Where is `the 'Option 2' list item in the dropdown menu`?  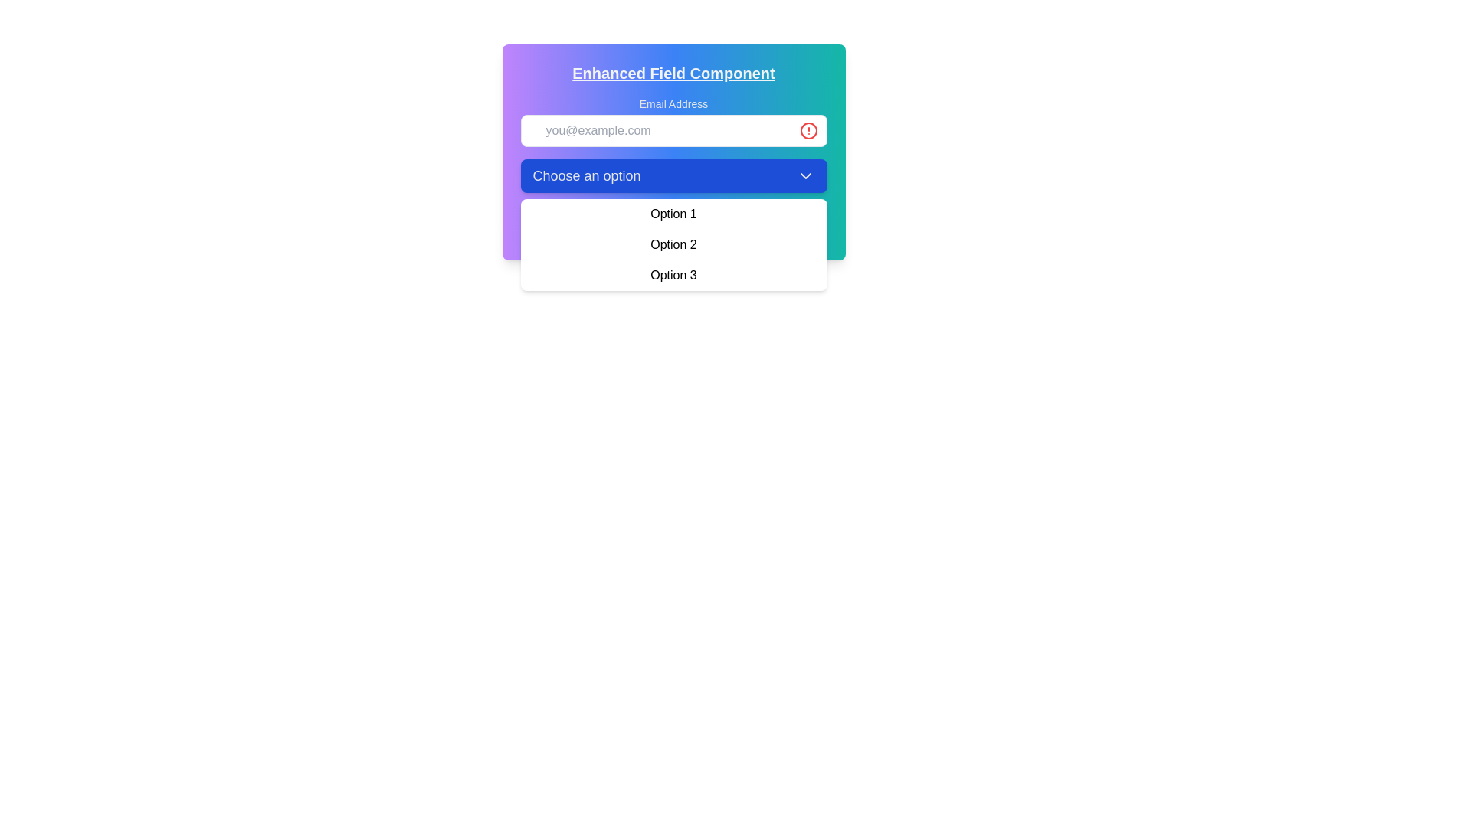 the 'Option 2' list item in the dropdown menu is located at coordinates (673, 244).